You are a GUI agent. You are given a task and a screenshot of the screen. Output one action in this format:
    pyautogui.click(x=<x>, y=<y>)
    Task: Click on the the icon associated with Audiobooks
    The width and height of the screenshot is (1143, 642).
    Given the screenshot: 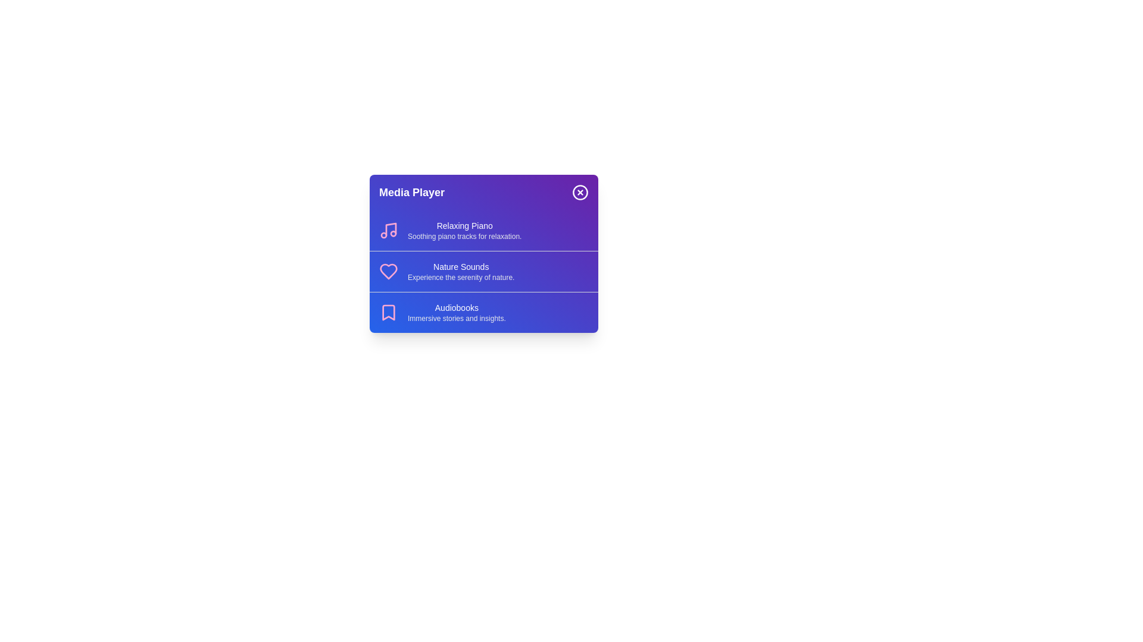 What is the action you would take?
    pyautogui.click(x=388, y=311)
    